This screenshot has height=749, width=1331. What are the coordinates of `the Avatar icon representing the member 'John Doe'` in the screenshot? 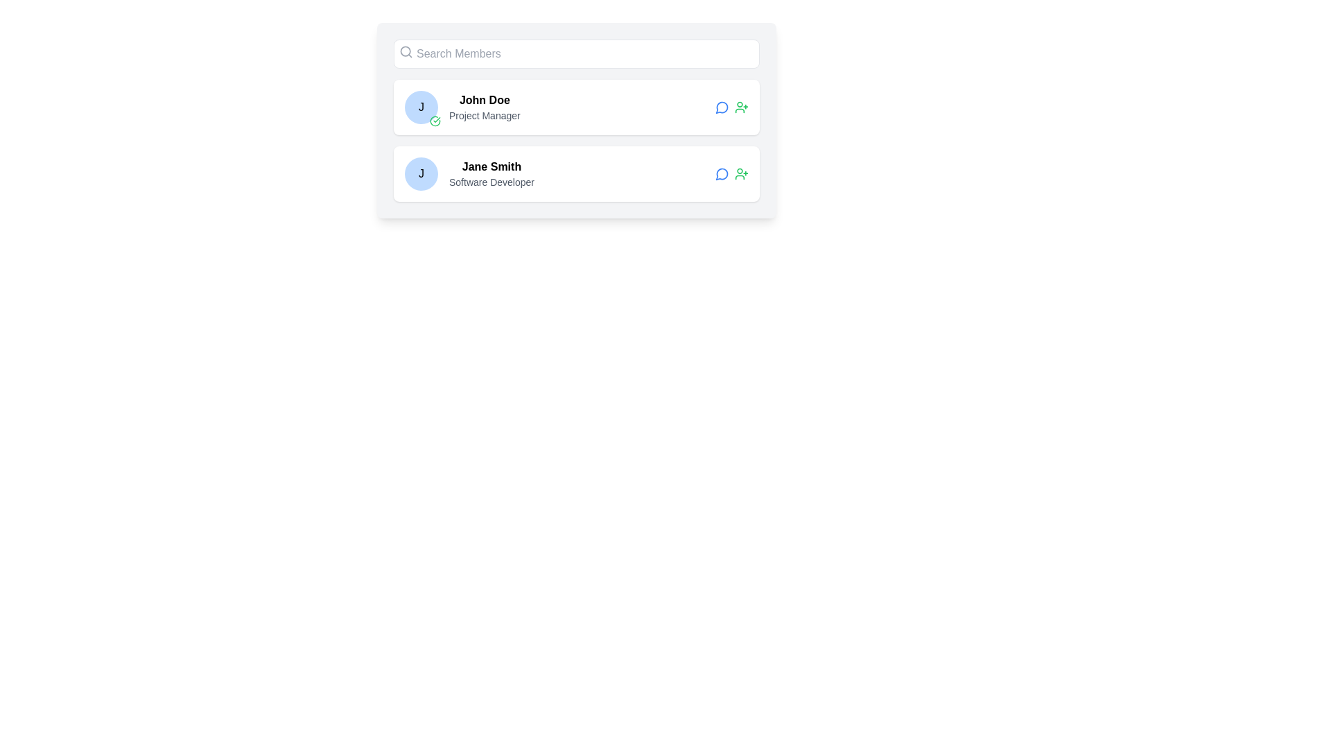 It's located at (421, 106).